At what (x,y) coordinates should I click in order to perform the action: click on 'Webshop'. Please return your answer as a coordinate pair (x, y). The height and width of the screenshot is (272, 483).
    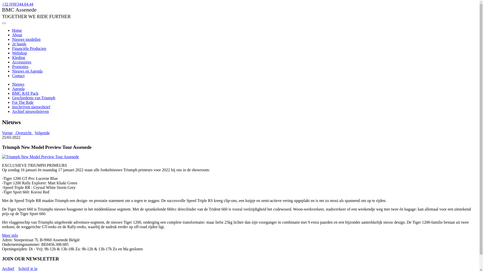
    Looking at the image, I should click on (19, 53).